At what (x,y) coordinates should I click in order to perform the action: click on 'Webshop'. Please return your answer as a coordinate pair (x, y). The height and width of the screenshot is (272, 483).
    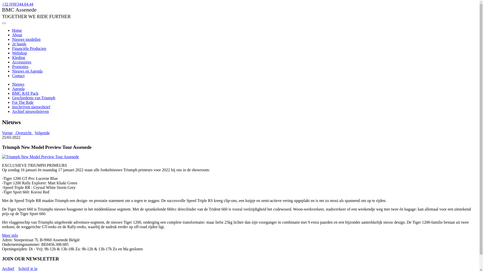
    Looking at the image, I should click on (19, 53).